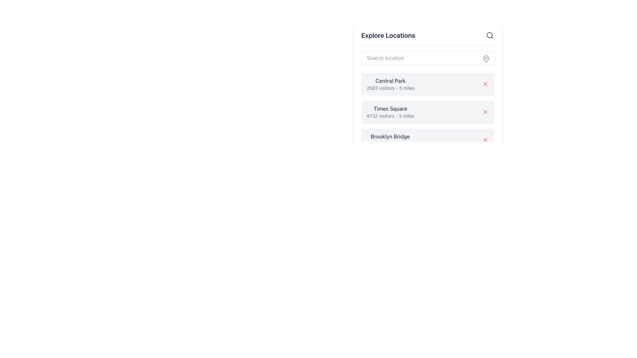 This screenshot has height=358, width=637. Describe the element at coordinates (490, 35) in the screenshot. I see `the SVG circle that forms part of the search icon located at the upper section of the interface, to the right of the 'Search location' text field` at that location.